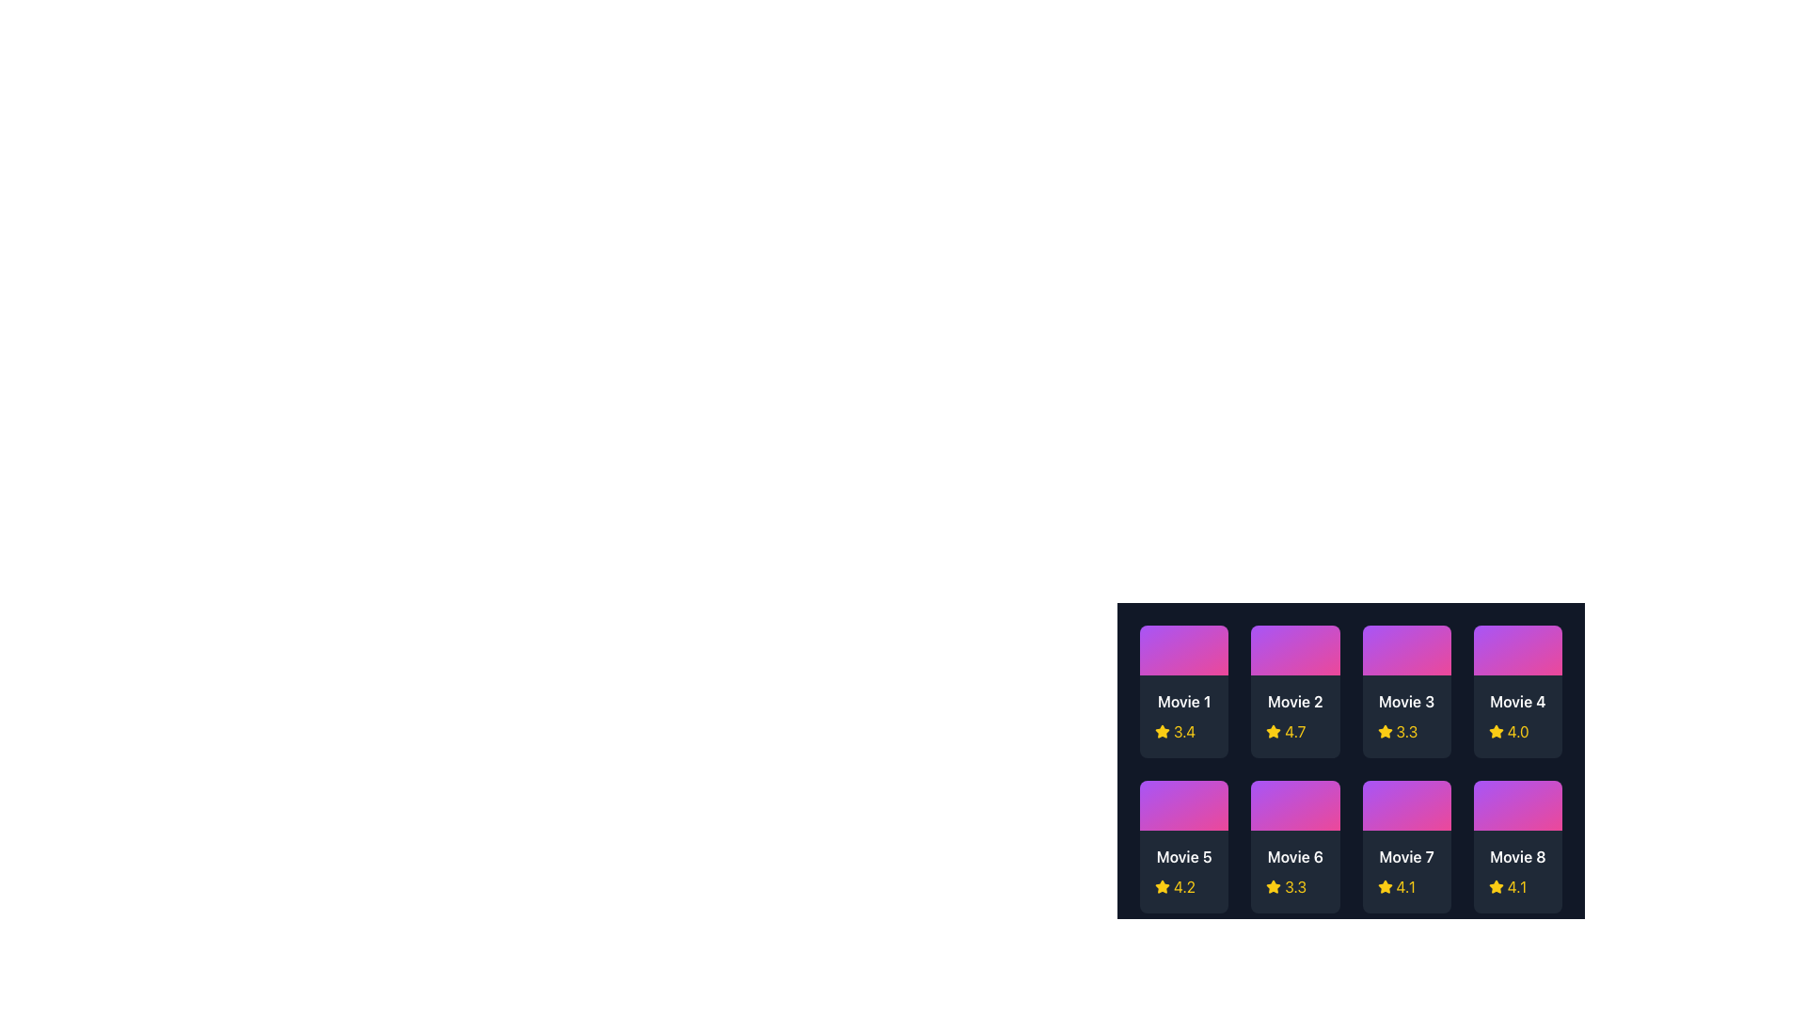 The image size is (1806, 1016). I want to click on the yellow star icon associated with the rating score of 4.2 for 'Movie 5' in the data entry grid, so click(1162, 886).